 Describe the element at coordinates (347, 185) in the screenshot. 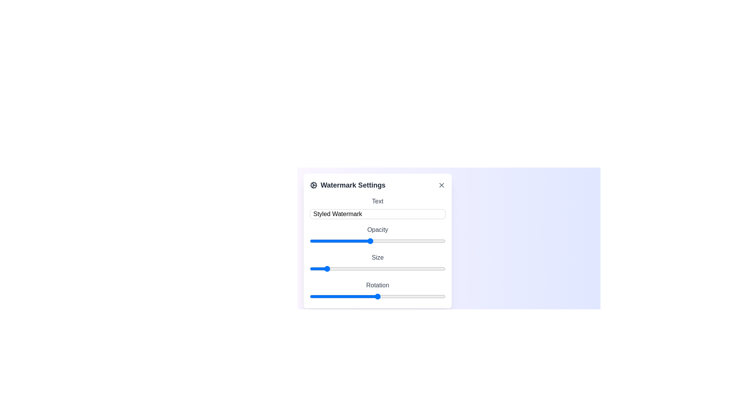

I see `the 'Watermark Settings' header which includes a cogwheel icon and bold text in gray font, located at the top of the settings panel` at that location.